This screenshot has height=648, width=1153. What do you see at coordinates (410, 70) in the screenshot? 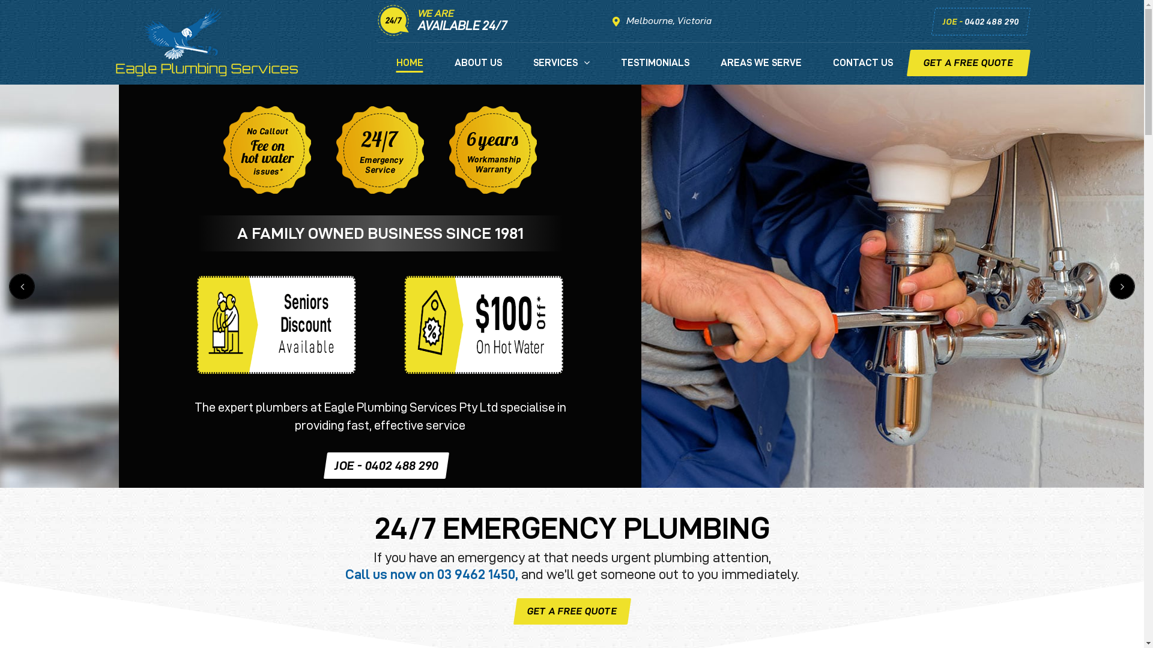
I see `'HOME'` at bounding box center [410, 70].